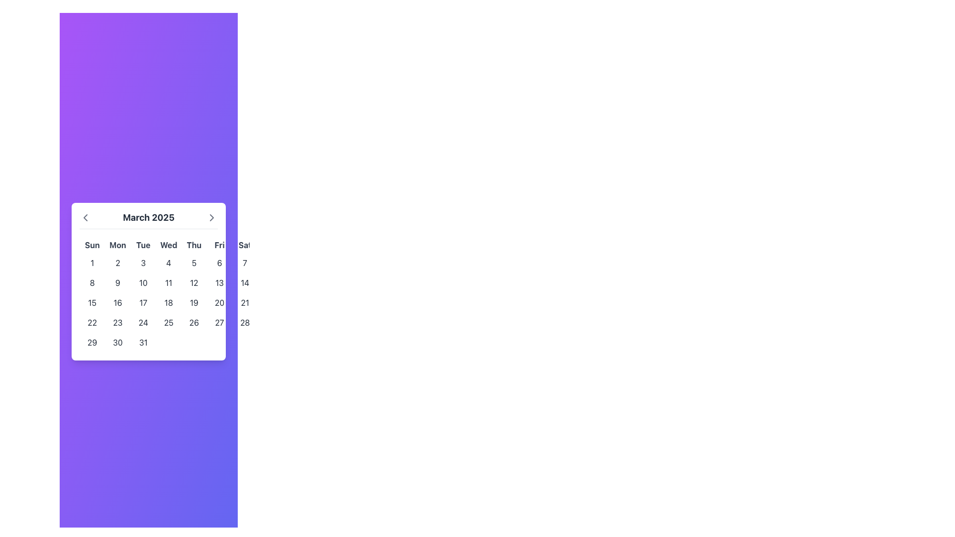  What do you see at coordinates (194, 245) in the screenshot?
I see `the static text label displaying 'Thu', which is the fifth abbreviation in the row of week days in the calendar header` at bounding box center [194, 245].